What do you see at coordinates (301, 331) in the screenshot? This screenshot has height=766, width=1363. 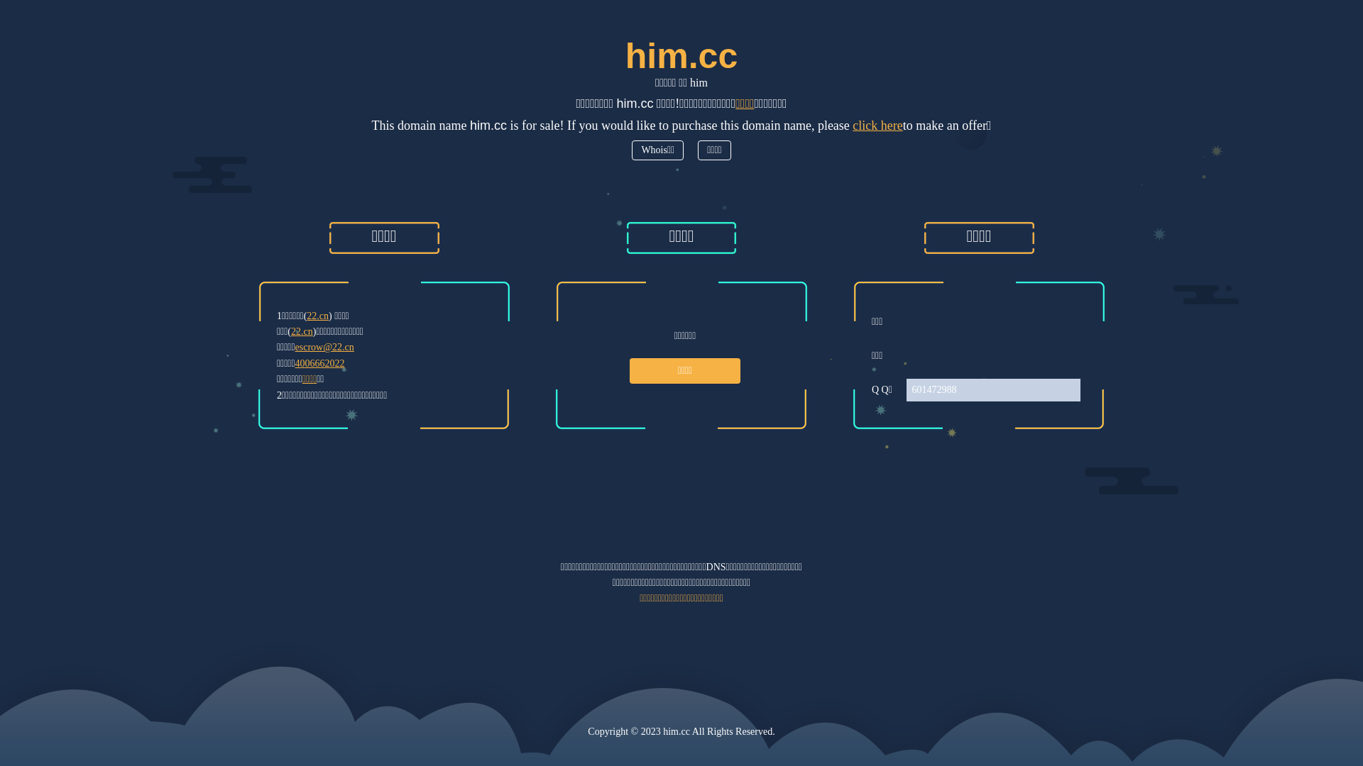 I see `'22.cn'` at bounding box center [301, 331].